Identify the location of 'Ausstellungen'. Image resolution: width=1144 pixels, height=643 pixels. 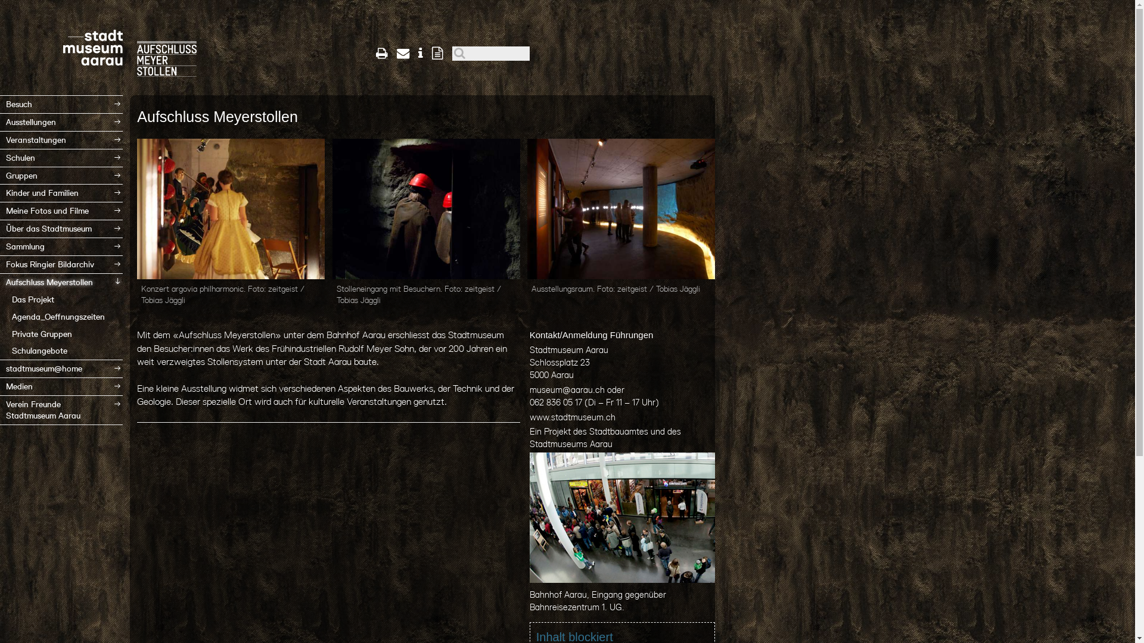
(60, 122).